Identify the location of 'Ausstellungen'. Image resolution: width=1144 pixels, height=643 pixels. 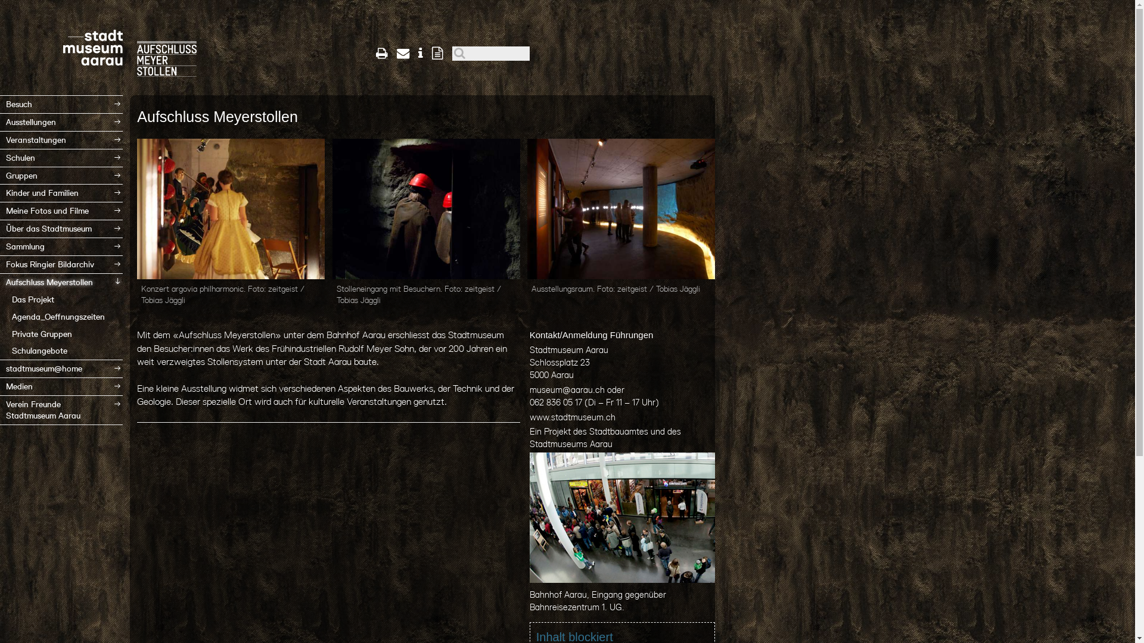
(60, 122).